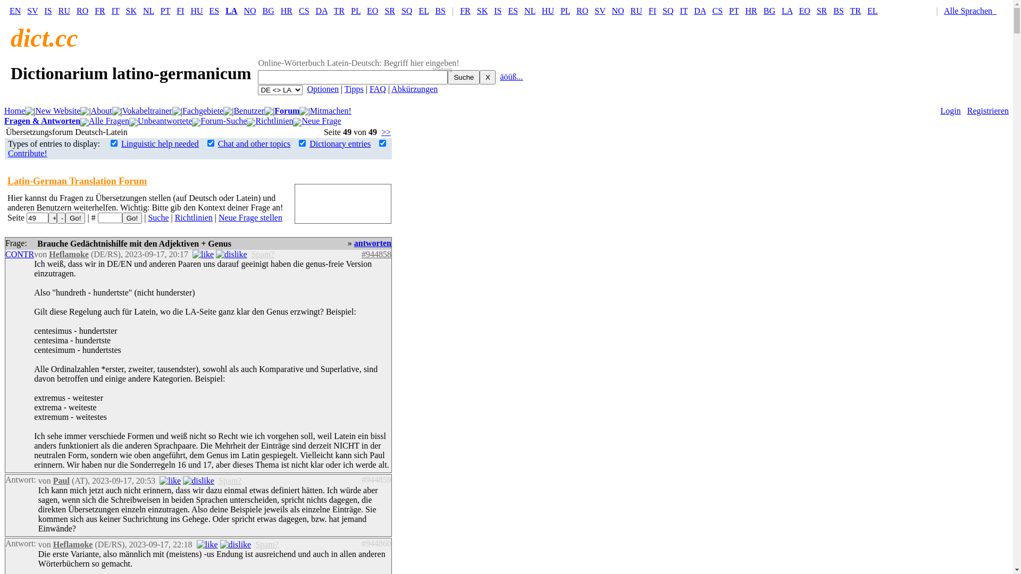  Describe the element at coordinates (32, 11) in the screenshot. I see `'SV'` at that location.